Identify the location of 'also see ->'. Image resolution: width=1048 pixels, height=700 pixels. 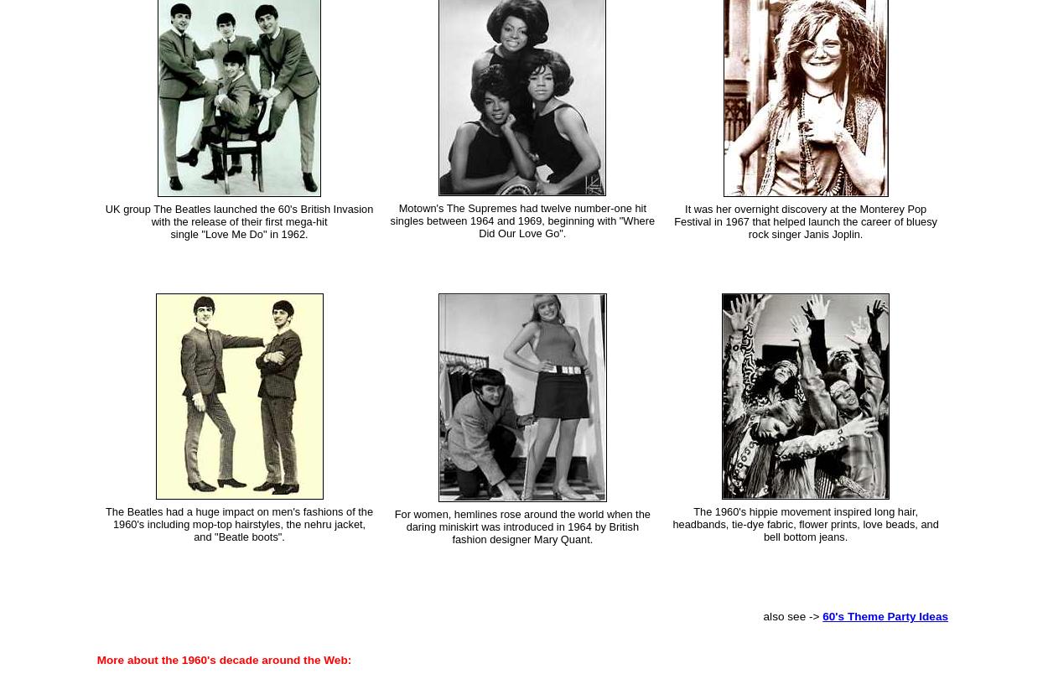
(763, 615).